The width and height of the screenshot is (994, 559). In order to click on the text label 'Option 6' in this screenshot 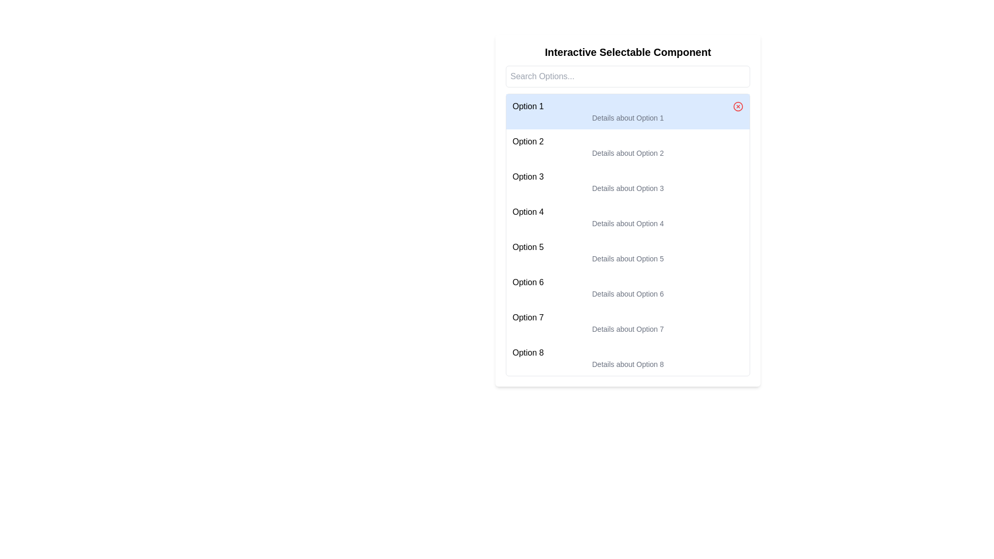, I will do `click(528, 283)`.